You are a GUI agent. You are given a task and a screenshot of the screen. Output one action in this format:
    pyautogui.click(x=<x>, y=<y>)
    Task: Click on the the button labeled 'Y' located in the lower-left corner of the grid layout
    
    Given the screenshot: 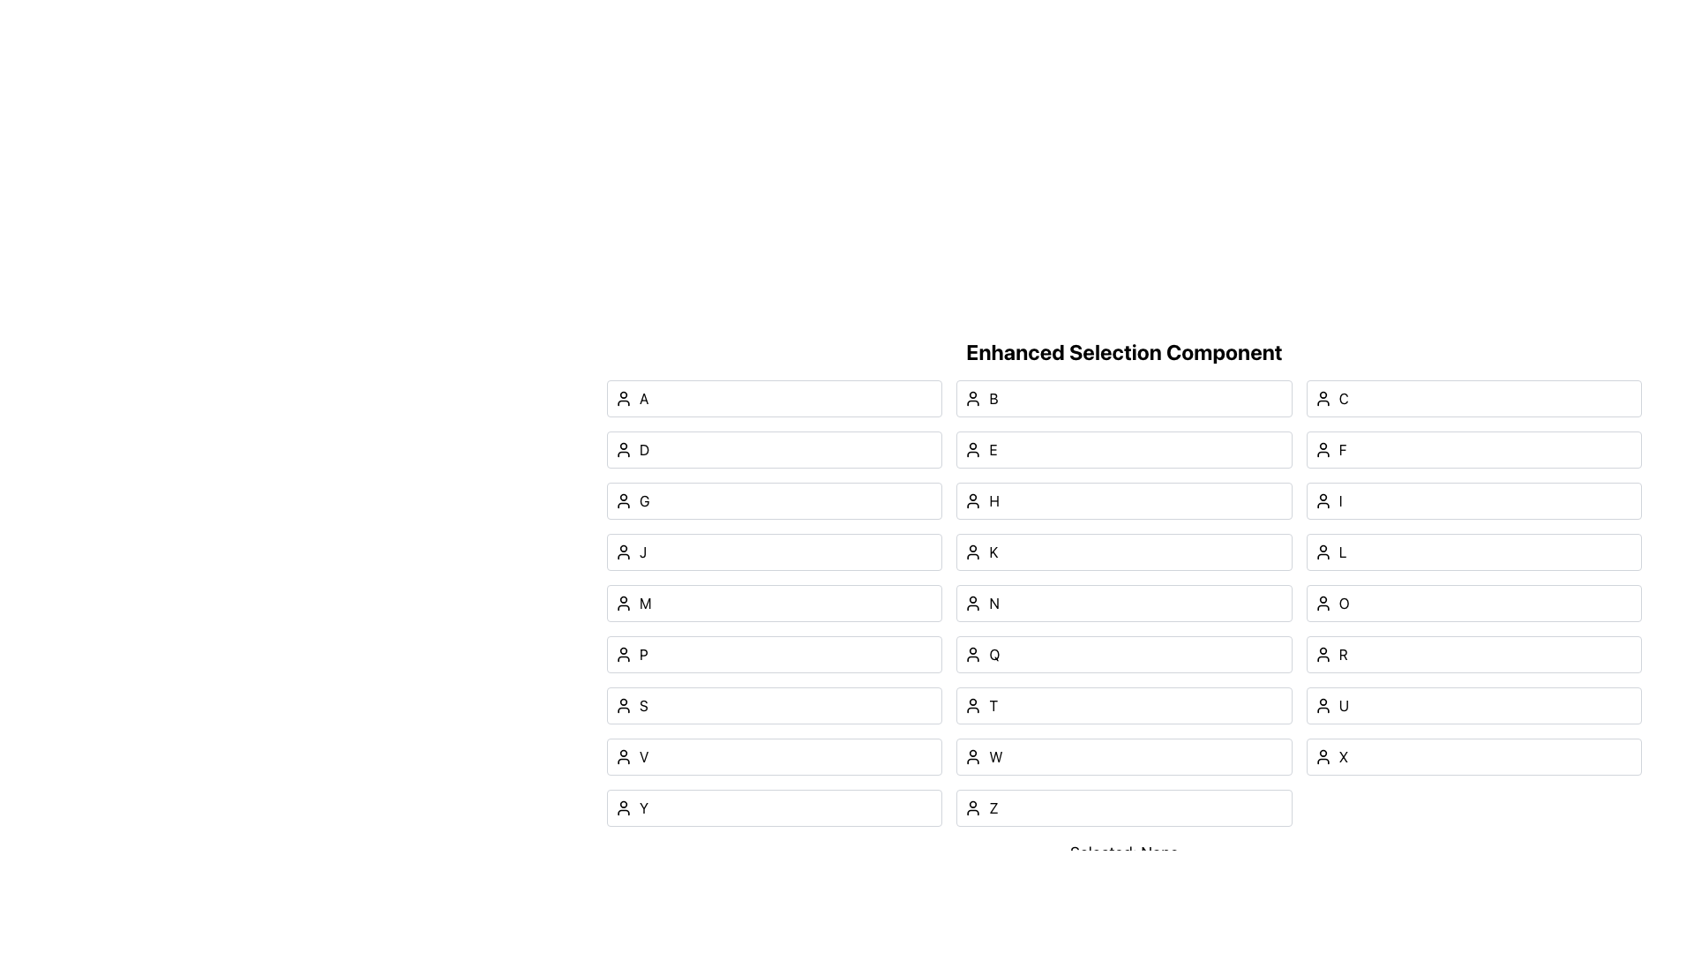 What is the action you would take?
    pyautogui.click(x=775, y=807)
    